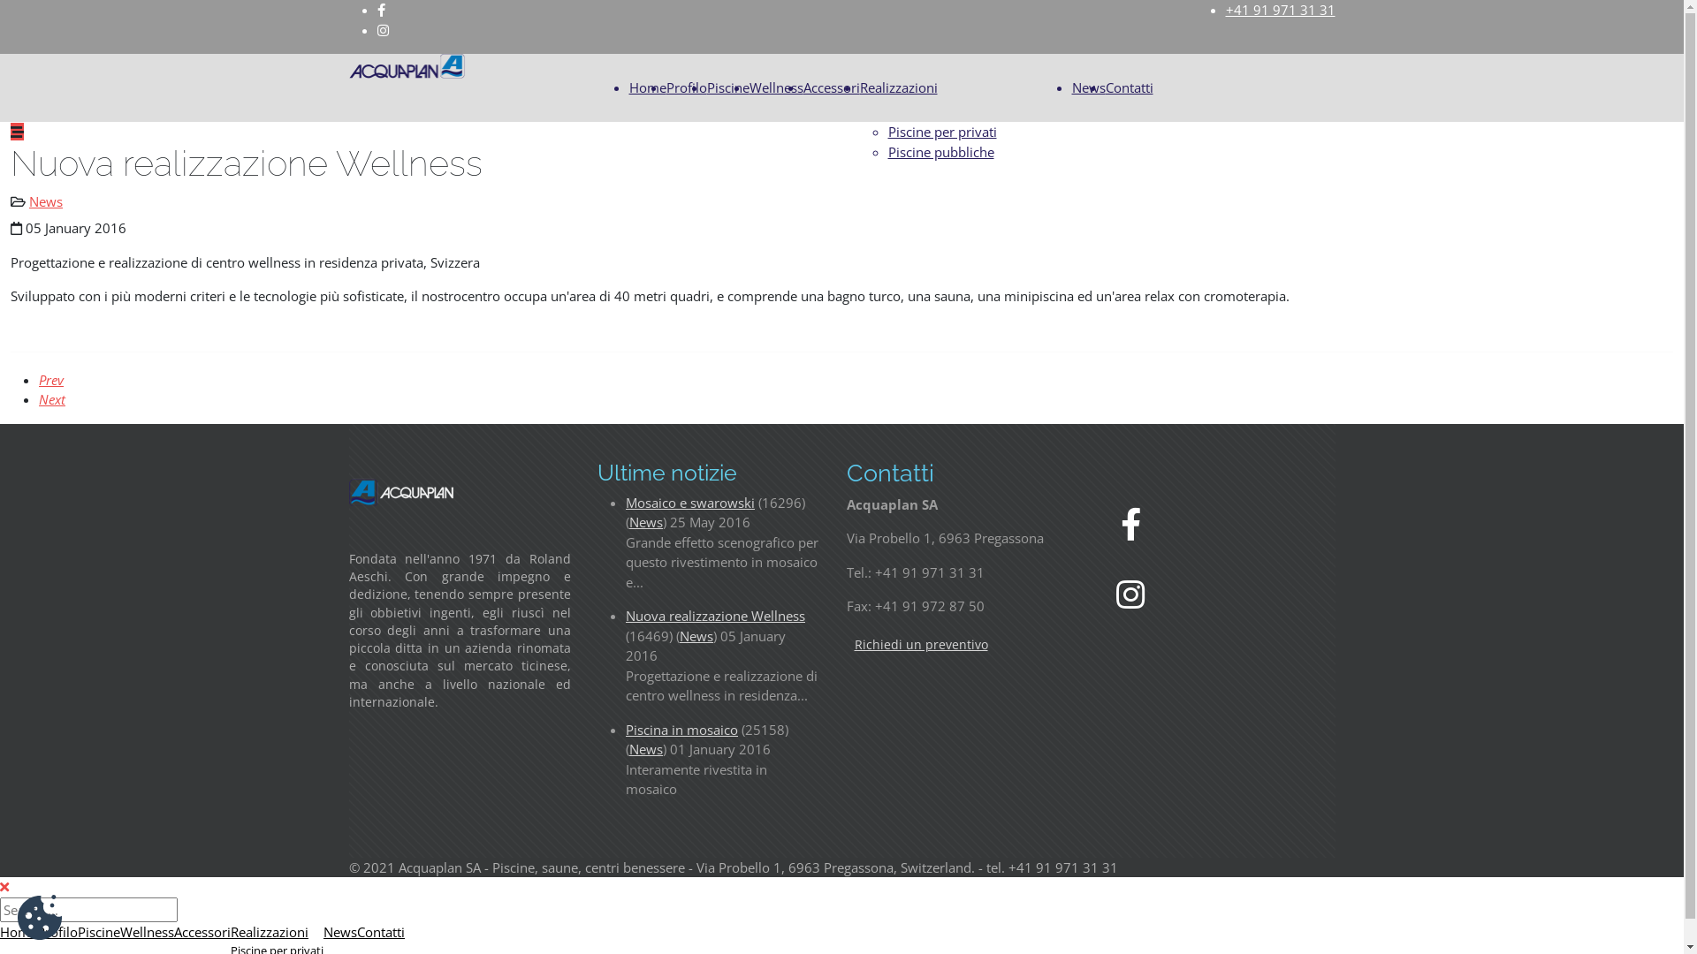  What do you see at coordinates (46, 200) in the screenshot?
I see `'News'` at bounding box center [46, 200].